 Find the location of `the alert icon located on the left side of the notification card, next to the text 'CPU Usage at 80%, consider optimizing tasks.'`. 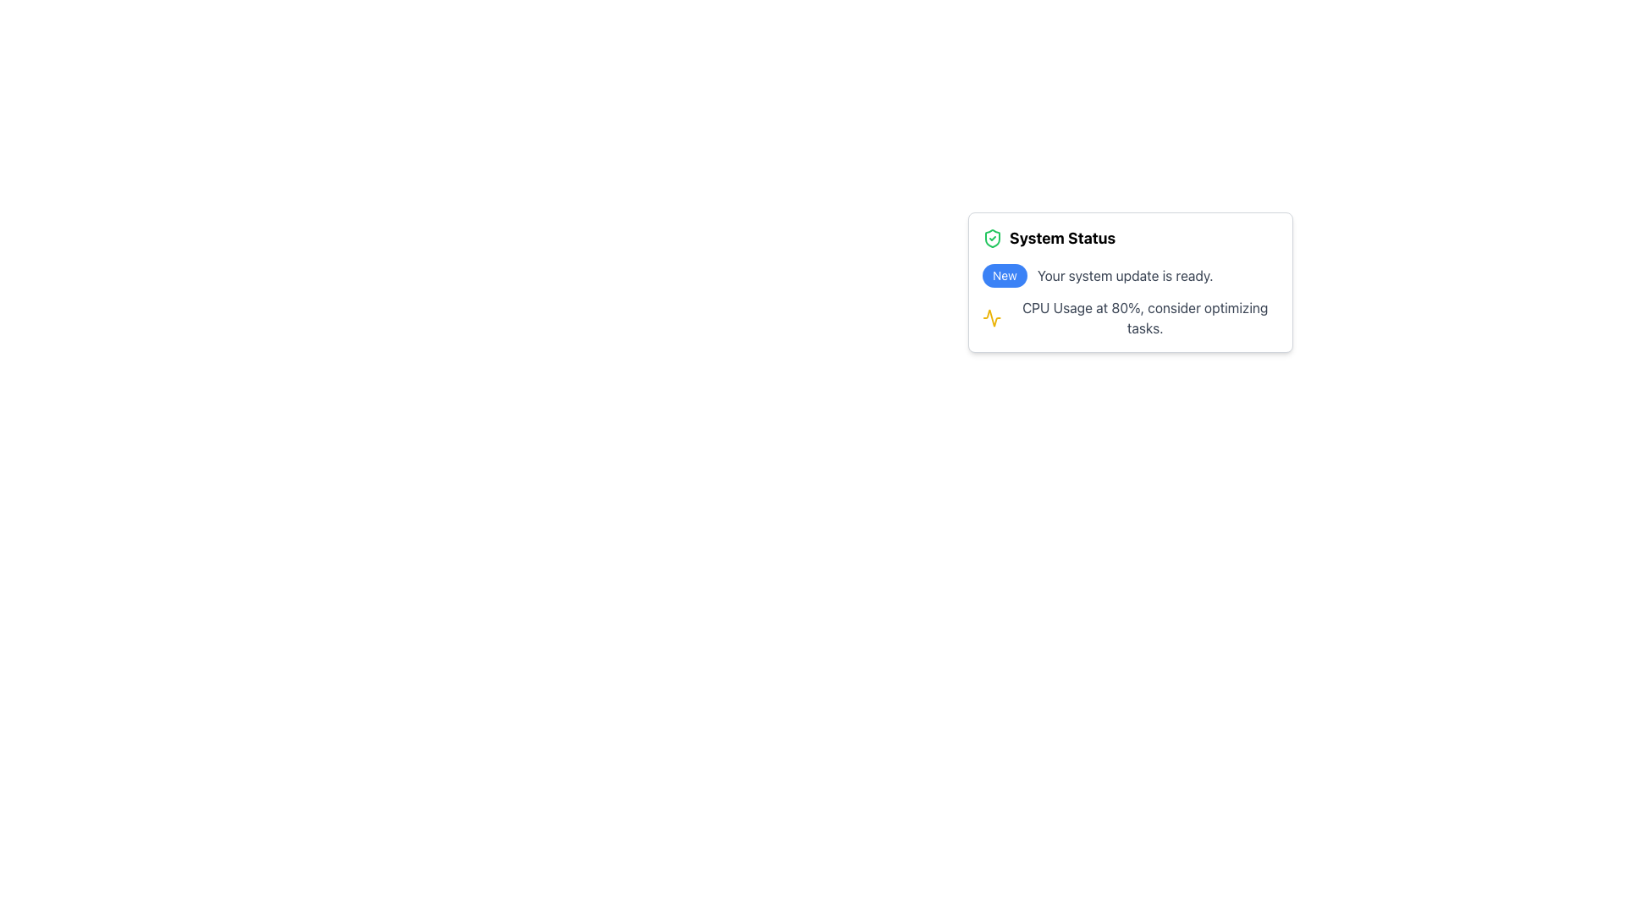

the alert icon located on the left side of the notification card, next to the text 'CPU Usage at 80%, consider optimizing tasks.' is located at coordinates (992, 317).